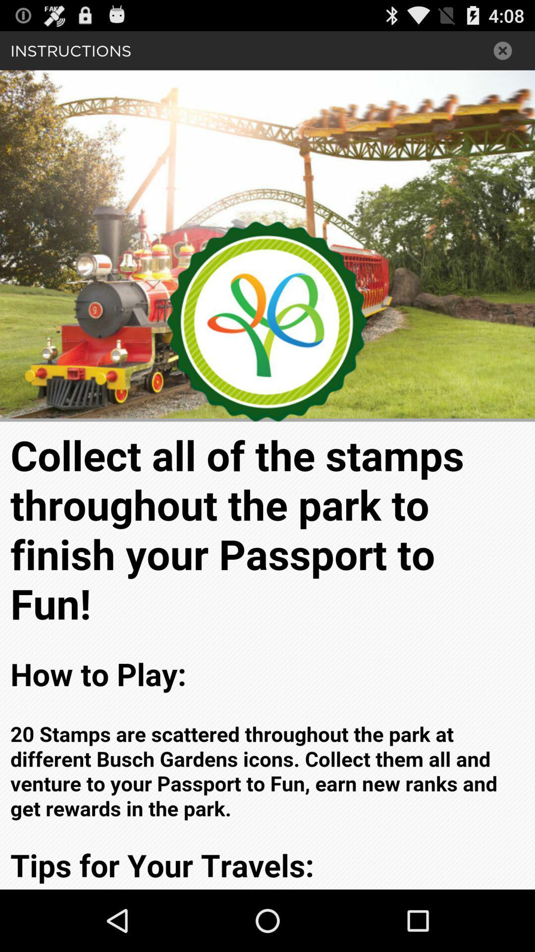  What do you see at coordinates (503, 50) in the screenshot?
I see `x` at bounding box center [503, 50].